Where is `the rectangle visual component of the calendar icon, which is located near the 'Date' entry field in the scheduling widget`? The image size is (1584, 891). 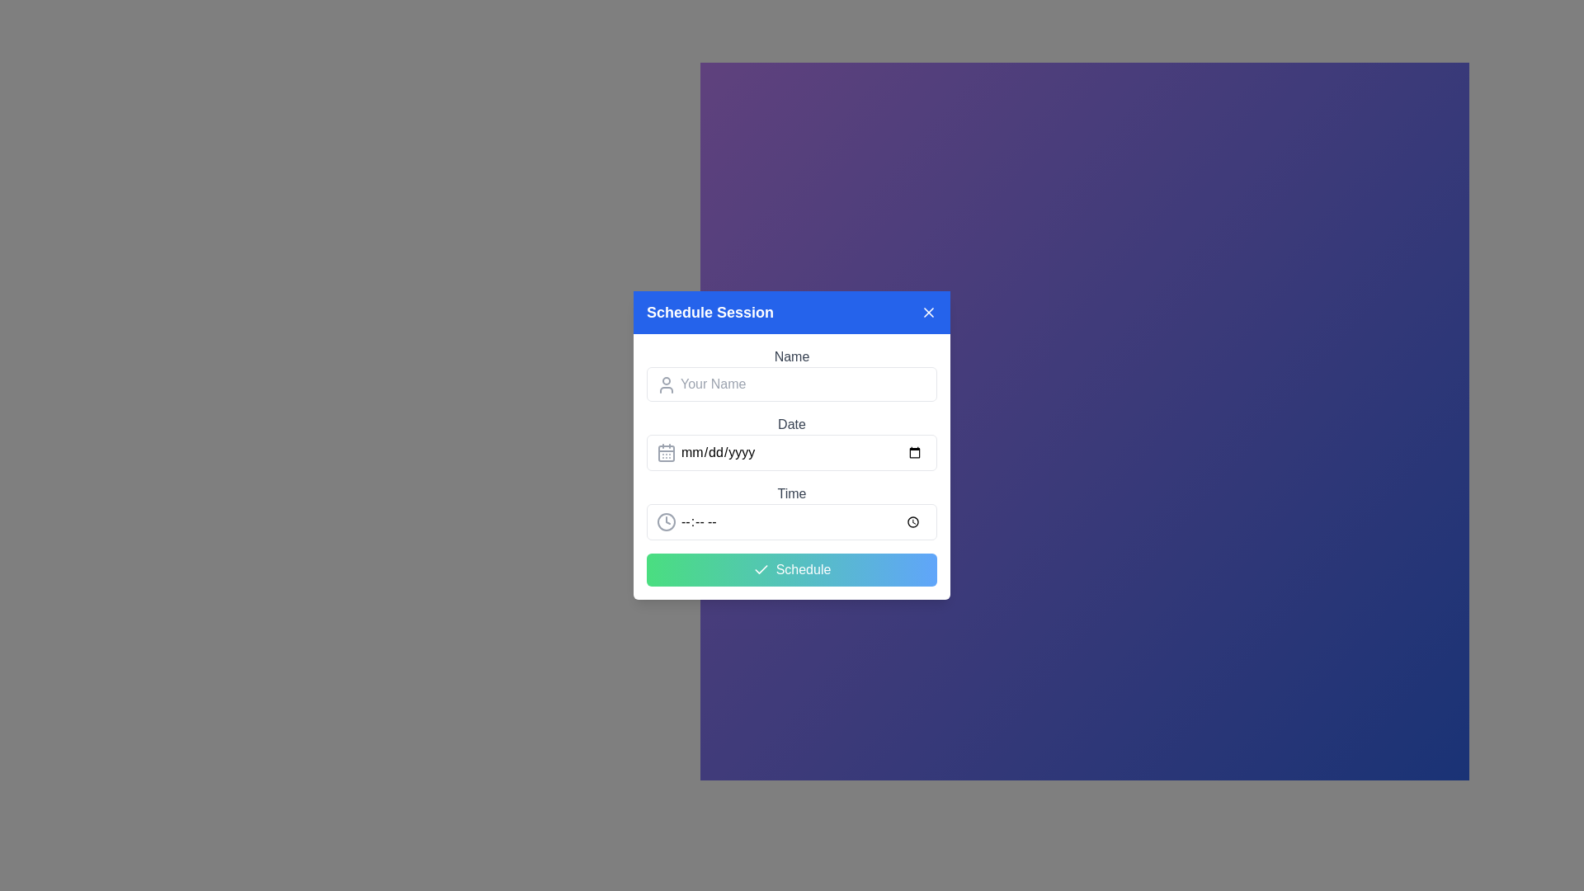
the rectangle visual component of the calendar icon, which is located near the 'Date' entry field in the scheduling widget is located at coordinates (666, 454).